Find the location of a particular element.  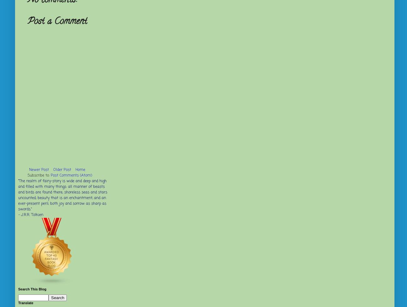

'Search This Blog' is located at coordinates (32, 289).